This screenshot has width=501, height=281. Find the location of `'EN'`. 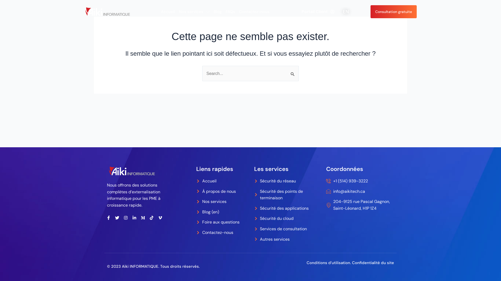

'EN' is located at coordinates (346, 12).